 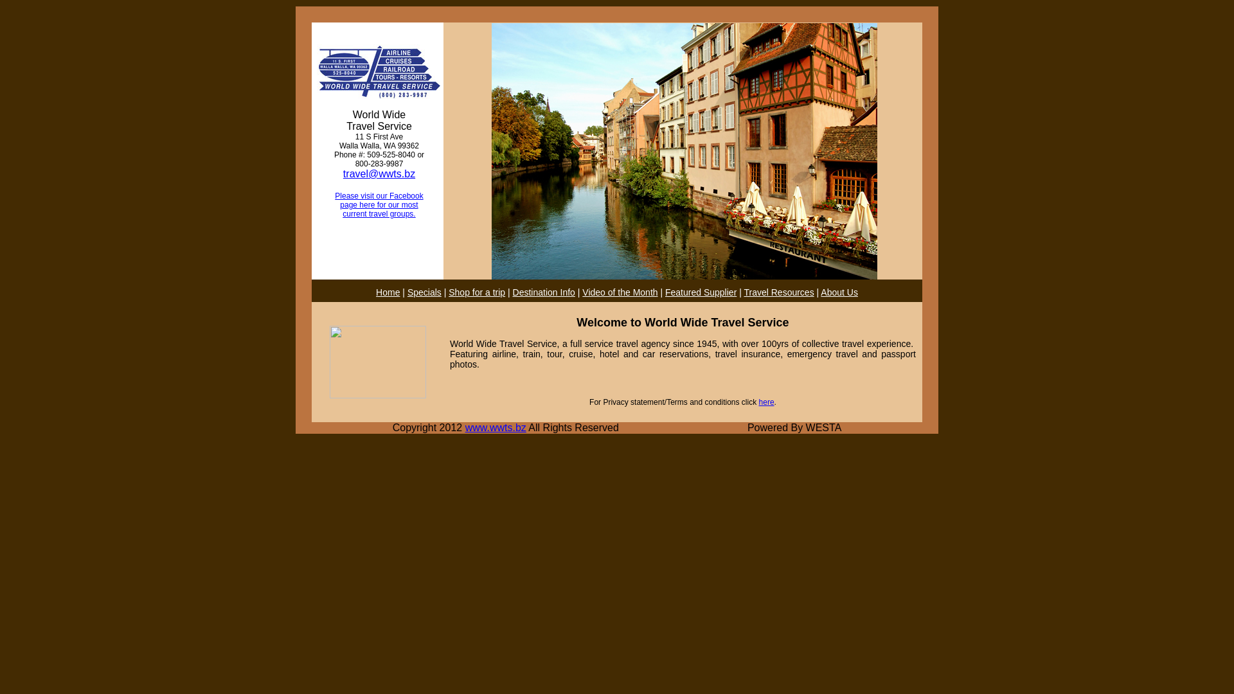 I want to click on 'About Us', so click(x=839, y=292).